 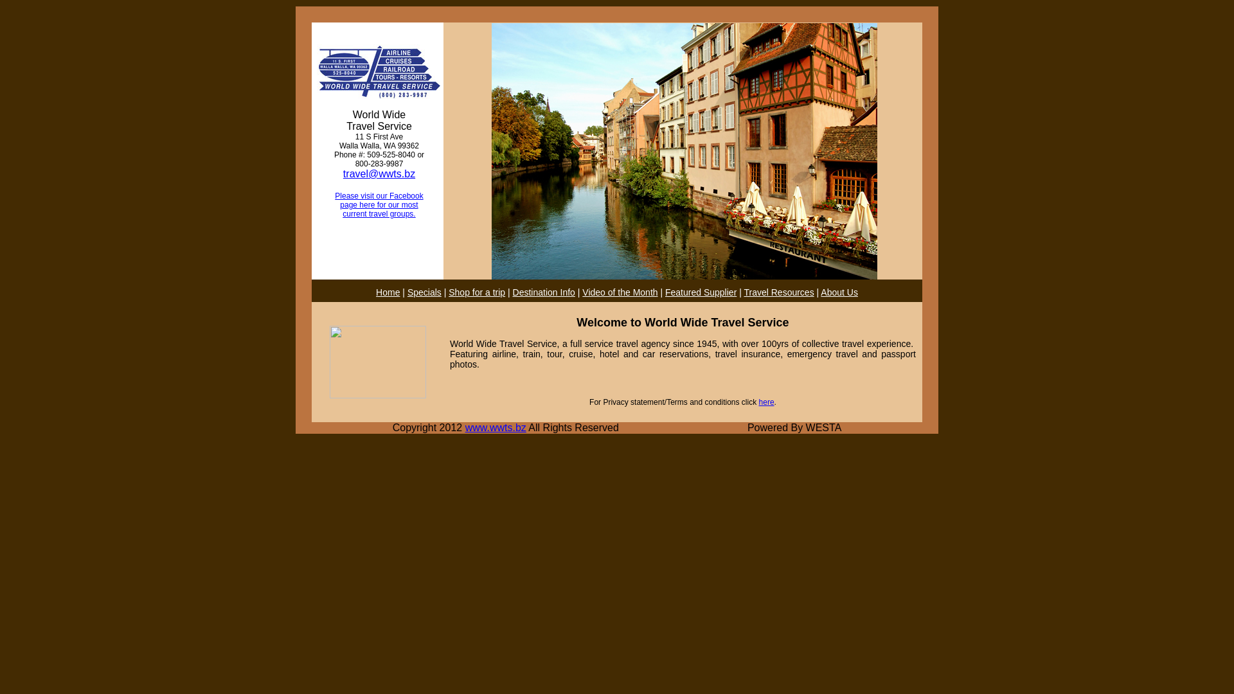 I want to click on 'About Us', so click(x=839, y=292).